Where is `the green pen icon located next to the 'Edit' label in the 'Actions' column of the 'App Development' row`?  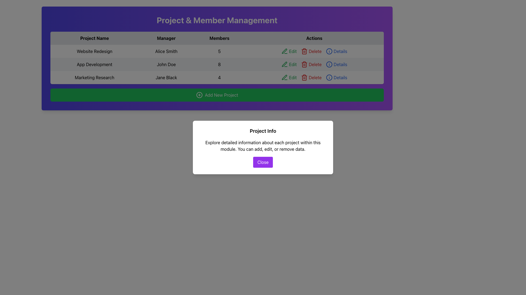
the green pen icon located next to the 'Edit' label in the 'Actions' column of the 'App Development' row is located at coordinates (285, 64).